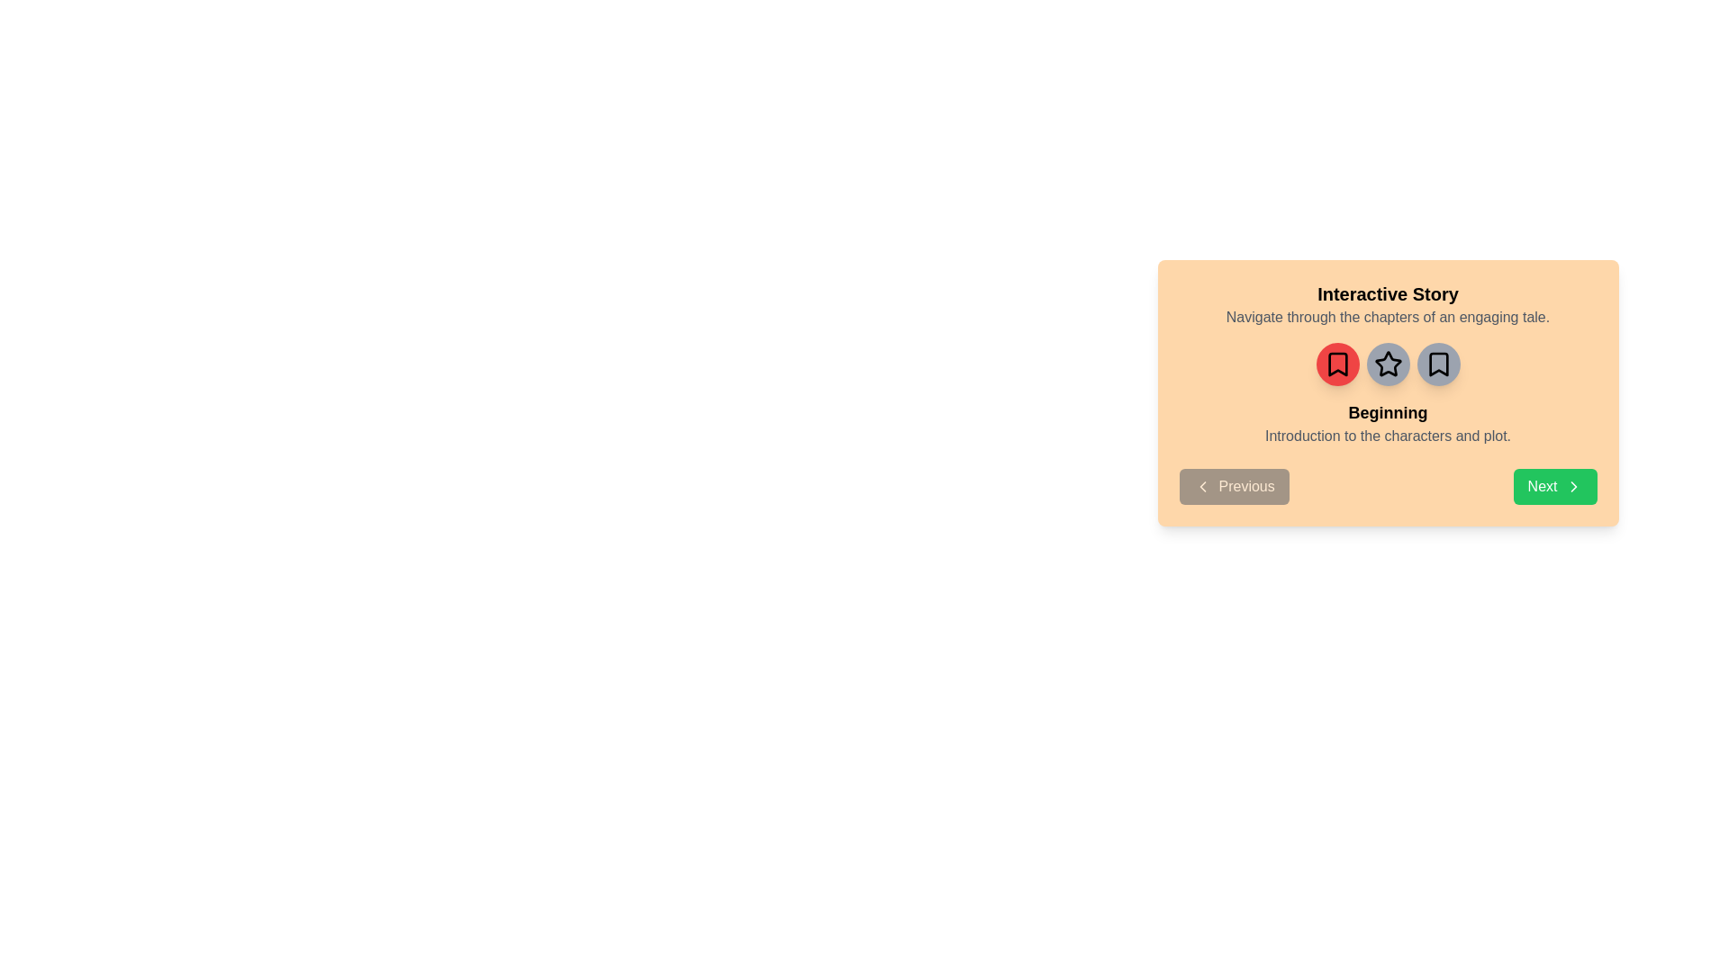 This screenshot has width=1729, height=972. Describe the element at coordinates (1233, 486) in the screenshot. I see `the Previous button to navigate the story` at that location.